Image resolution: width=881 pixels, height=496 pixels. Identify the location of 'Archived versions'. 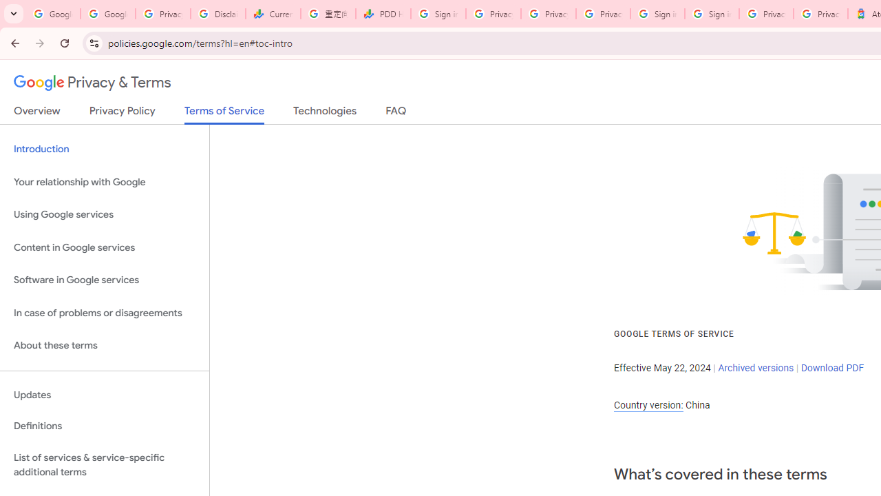
(755, 366).